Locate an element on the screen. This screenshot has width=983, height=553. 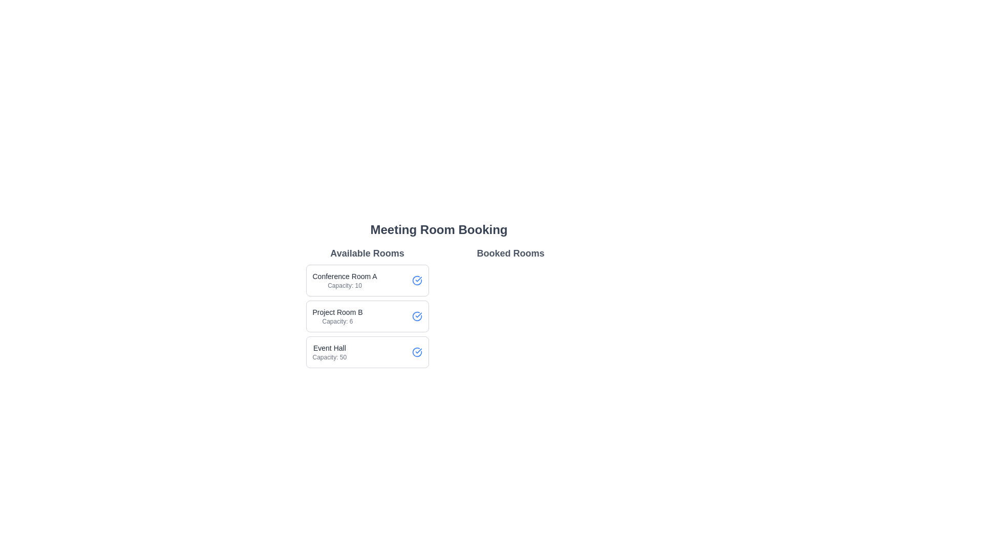
the Text header that labels the list of available rooms, located above 'Conference Room A' and to the left of 'Booked Rooms' is located at coordinates (367, 253).